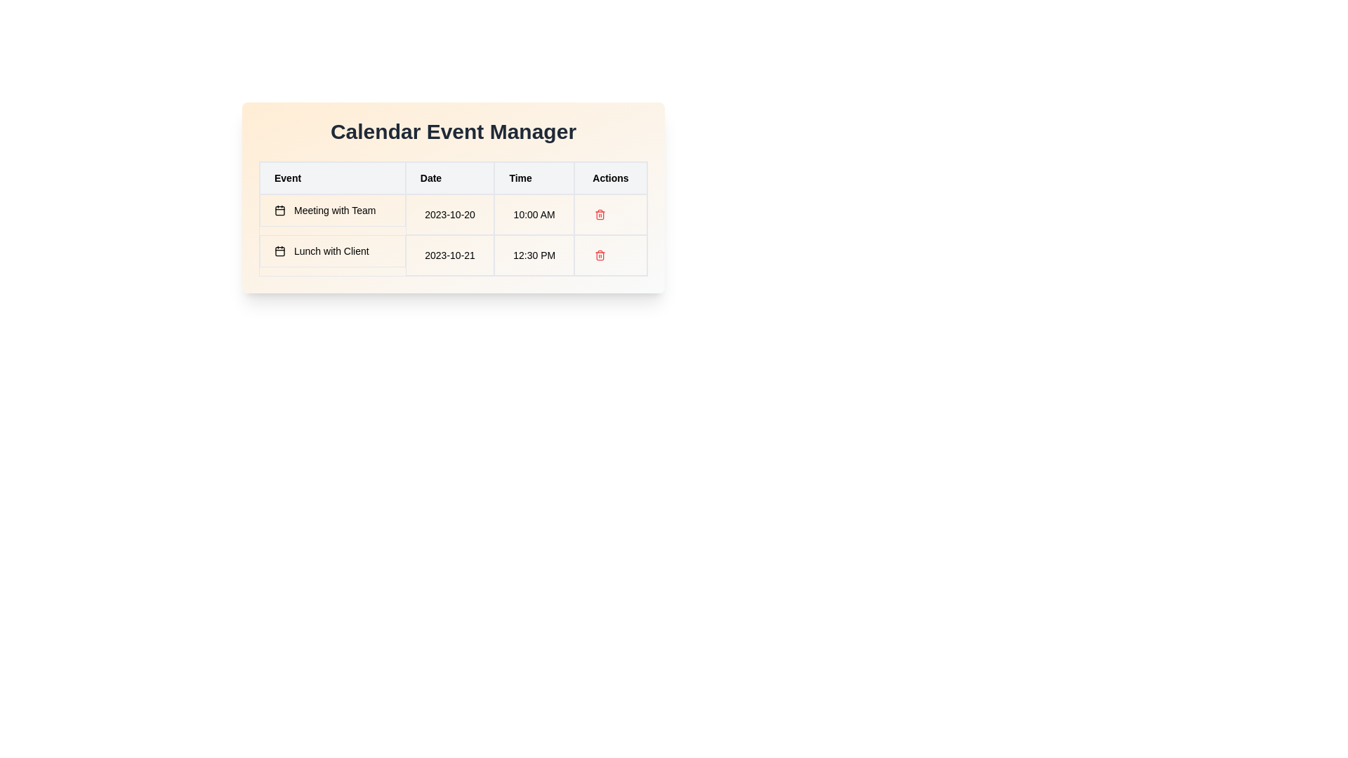 Image resolution: width=1348 pixels, height=758 pixels. I want to click on displayed date from the Text label that shows the scheduled date of the 'Meeting with Team' event, located under the 'Date' column in the table, so click(450, 214).